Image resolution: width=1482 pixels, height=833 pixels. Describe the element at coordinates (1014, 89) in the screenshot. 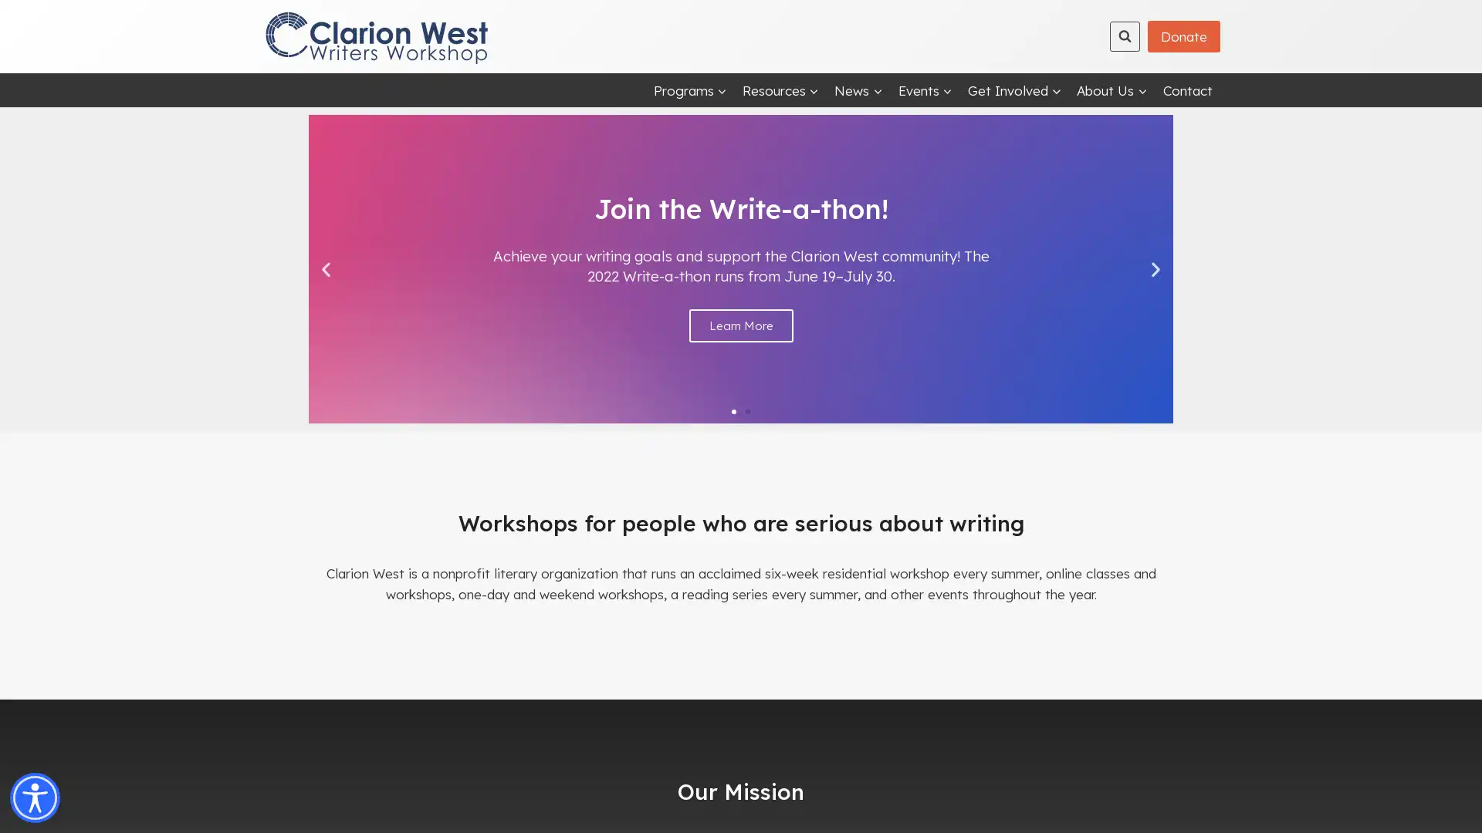

I see `Expand child menu` at that location.